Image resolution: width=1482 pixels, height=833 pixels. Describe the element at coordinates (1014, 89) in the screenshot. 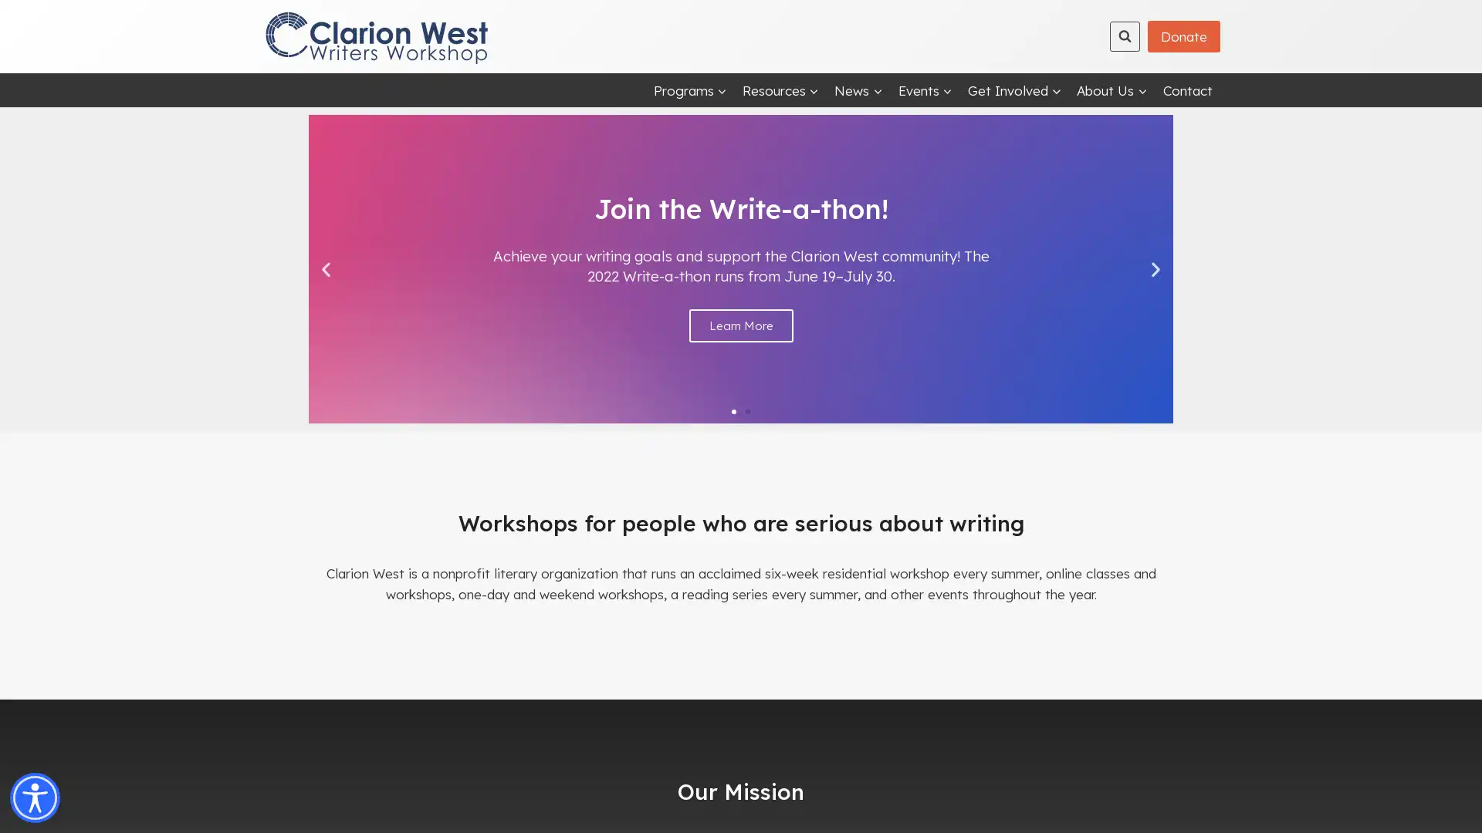

I see `Expand child menu` at that location.